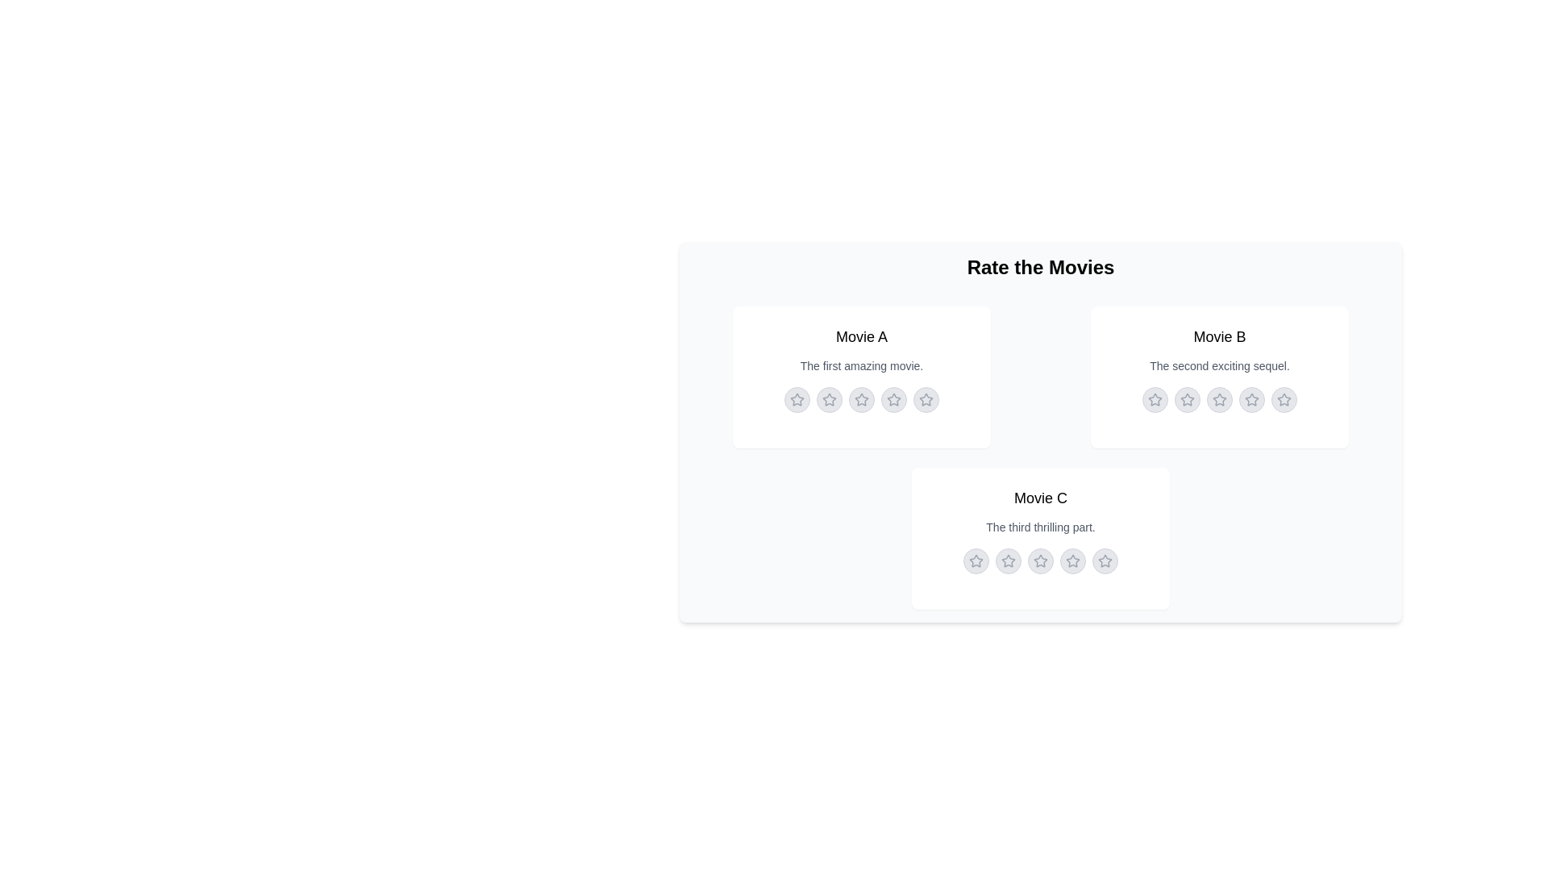  Describe the element at coordinates (1105, 560) in the screenshot. I see `the fifth circular button with a star icon, which is part of the rating elements below the 'Movie C' section in the 'Rate the Movies' interface` at that location.